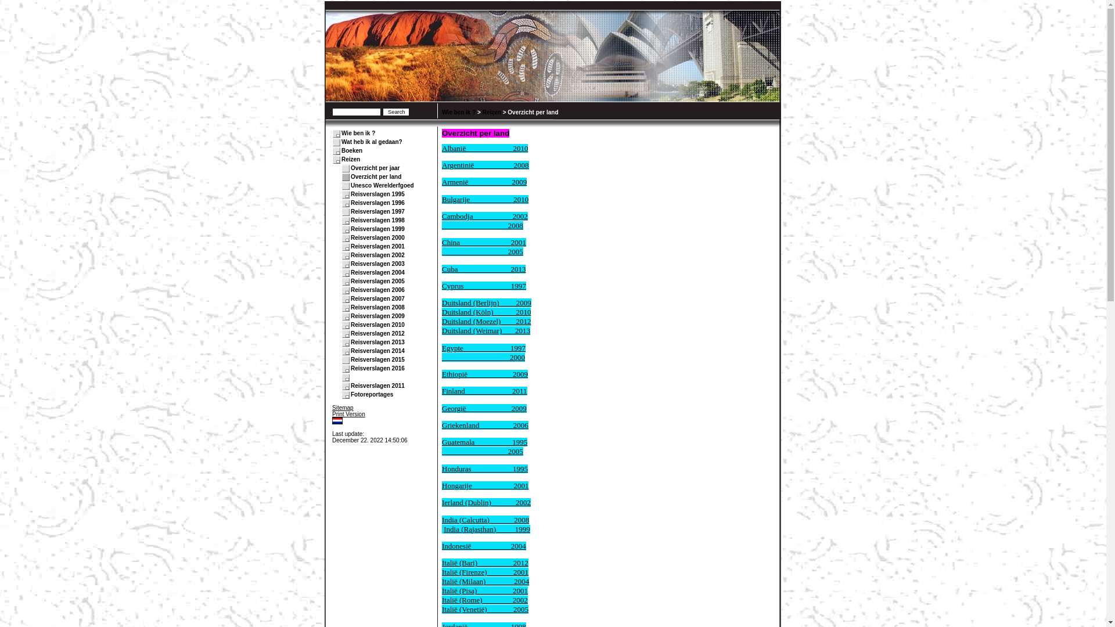 The height and width of the screenshot is (627, 1115). I want to click on 'Reisverslagen 2014', so click(377, 350).